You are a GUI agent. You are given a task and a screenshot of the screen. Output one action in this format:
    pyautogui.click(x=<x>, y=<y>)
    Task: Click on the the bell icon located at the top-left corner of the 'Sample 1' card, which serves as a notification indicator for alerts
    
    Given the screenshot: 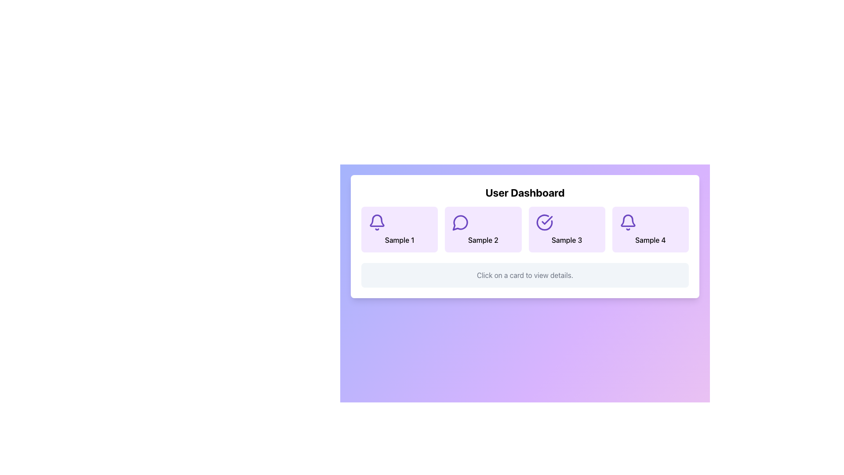 What is the action you would take?
    pyautogui.click(x=377, y=222)
    